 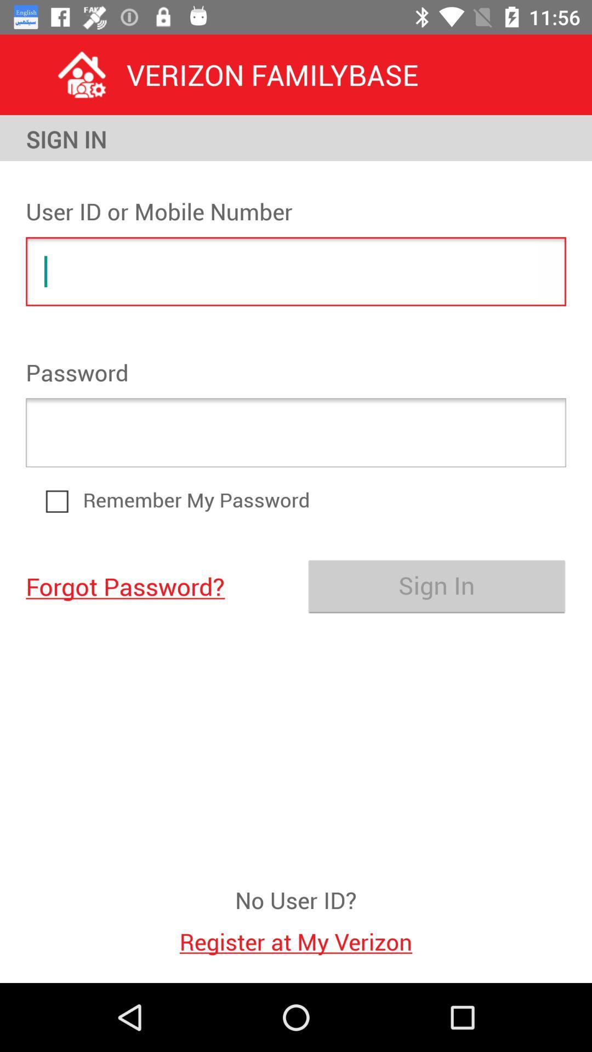 What do you see at coordinates (296, 935) in the screenshot?
I see `the register at my` at bounding box center [296, 935].